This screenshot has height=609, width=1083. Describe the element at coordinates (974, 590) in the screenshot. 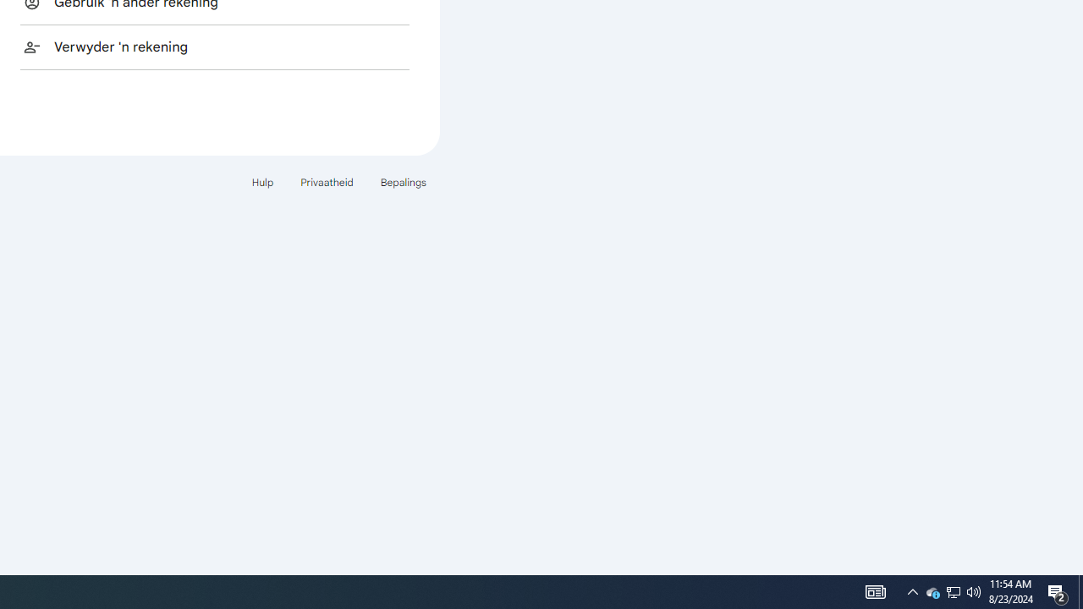

I see `'Q2790: 100%'` at that location.